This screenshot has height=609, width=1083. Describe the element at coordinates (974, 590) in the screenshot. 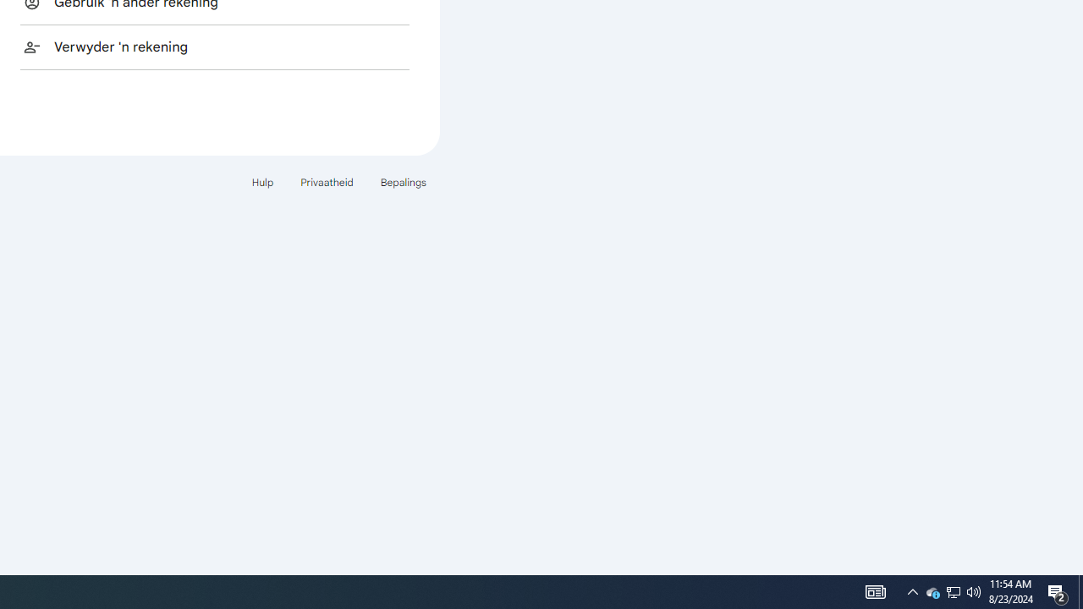

I see `'Q2790: 100%'` at that location.